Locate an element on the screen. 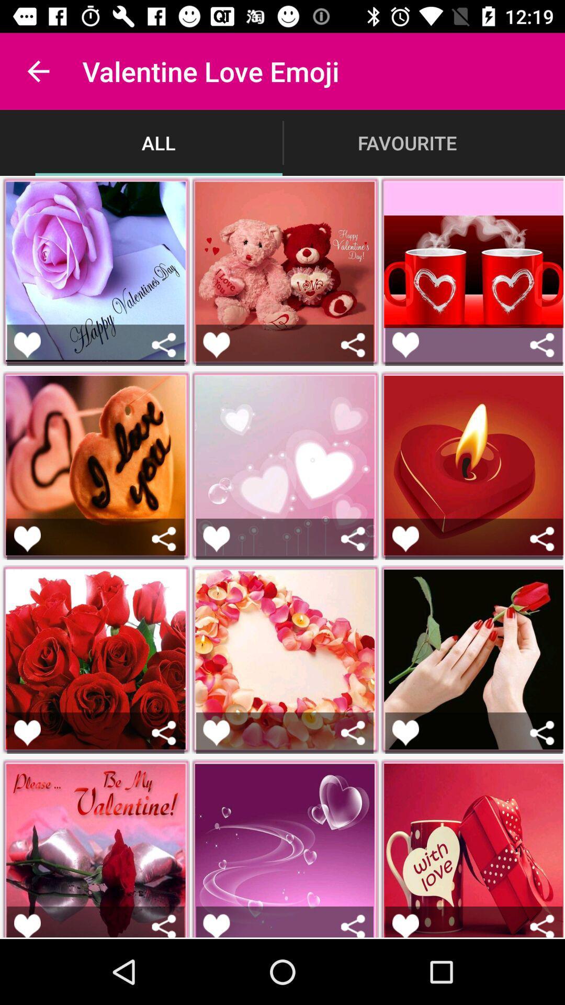 The image size is (565, 1005). click heart like button happy valentines day is located at coordinates (27, 345).